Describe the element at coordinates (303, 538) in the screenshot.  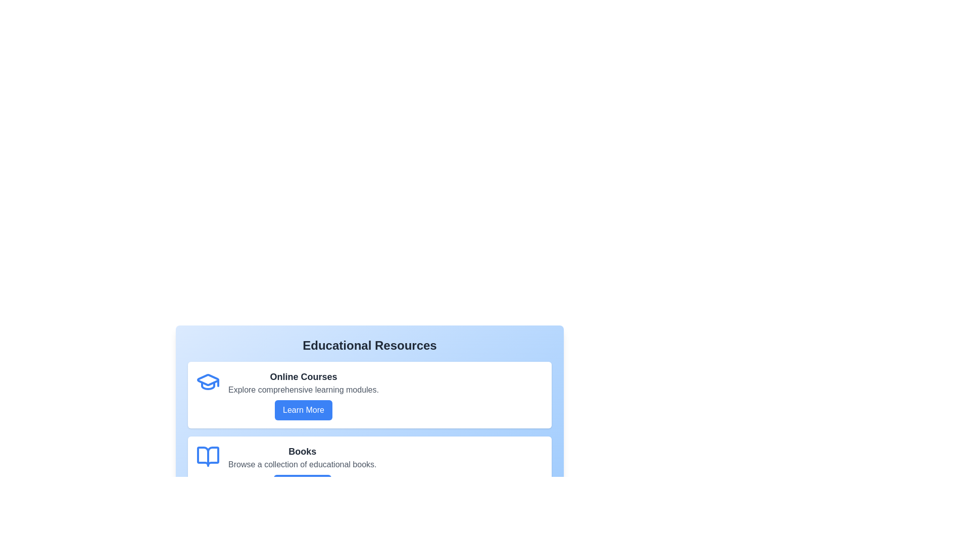
I see `the descriptive text for each resource in the list` at that location.